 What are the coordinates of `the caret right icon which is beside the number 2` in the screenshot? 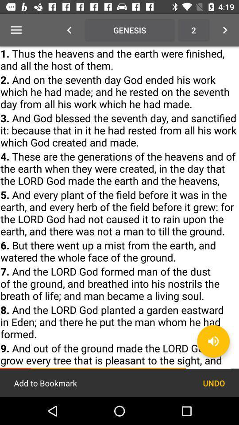 It's located at (225, 30).